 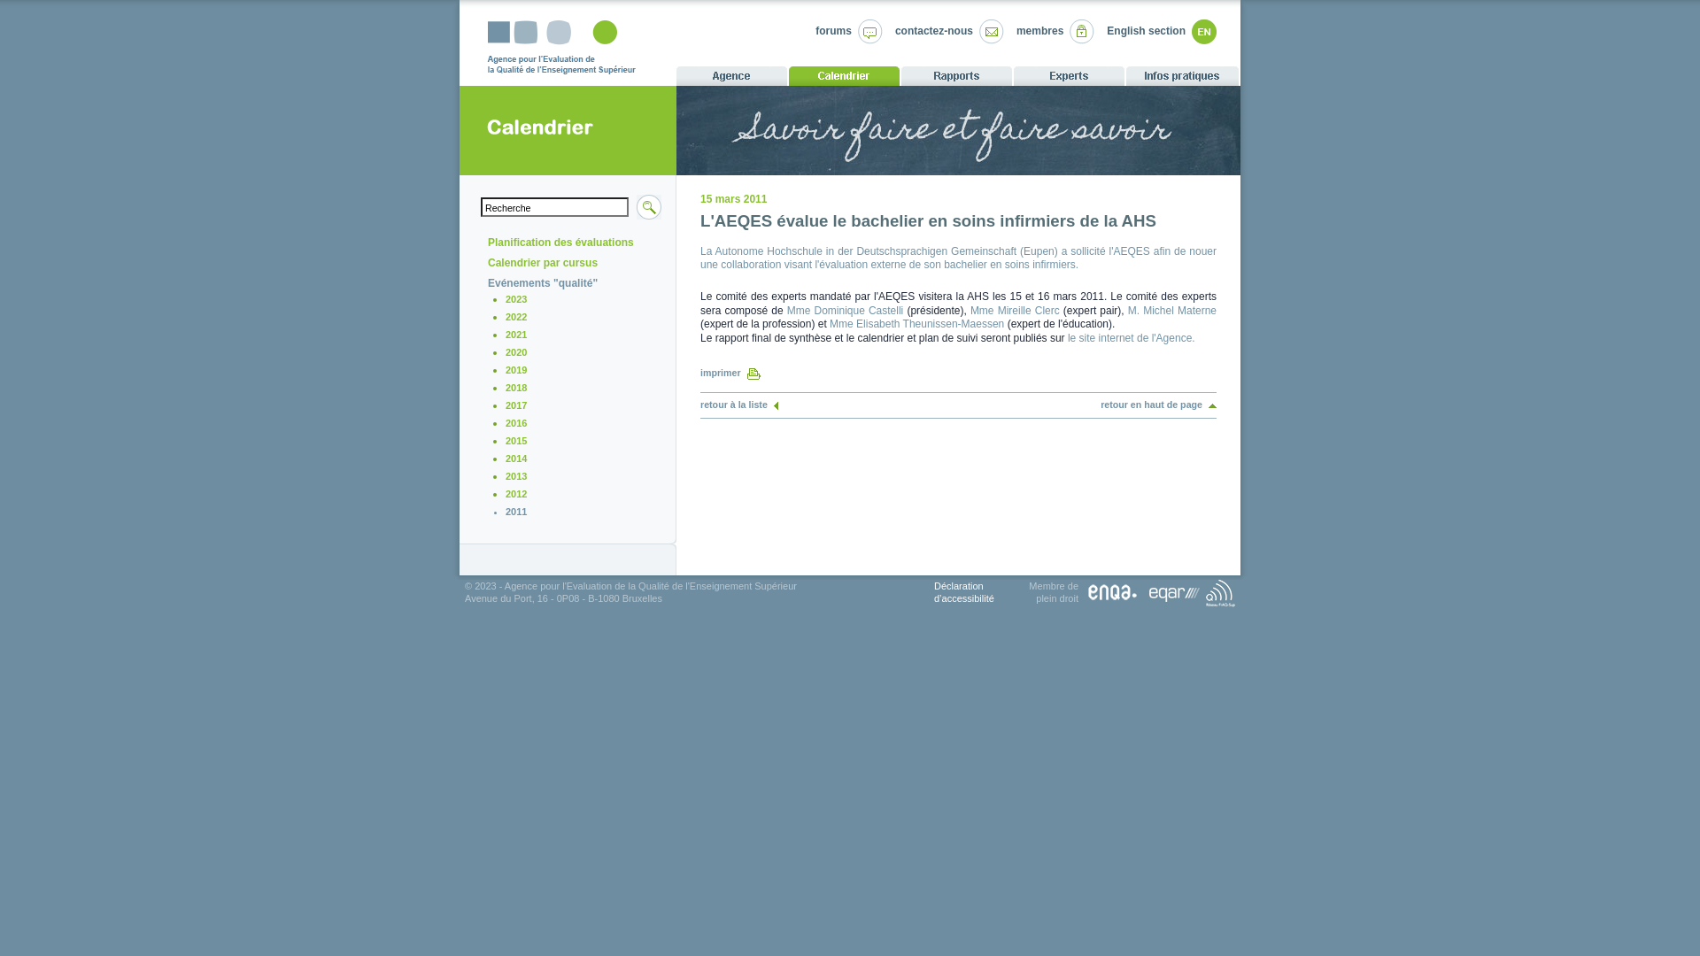 What do you see at coordinates (514, 494) in the screenshot?
I see `'2012'` at bounding box center [514, 494].